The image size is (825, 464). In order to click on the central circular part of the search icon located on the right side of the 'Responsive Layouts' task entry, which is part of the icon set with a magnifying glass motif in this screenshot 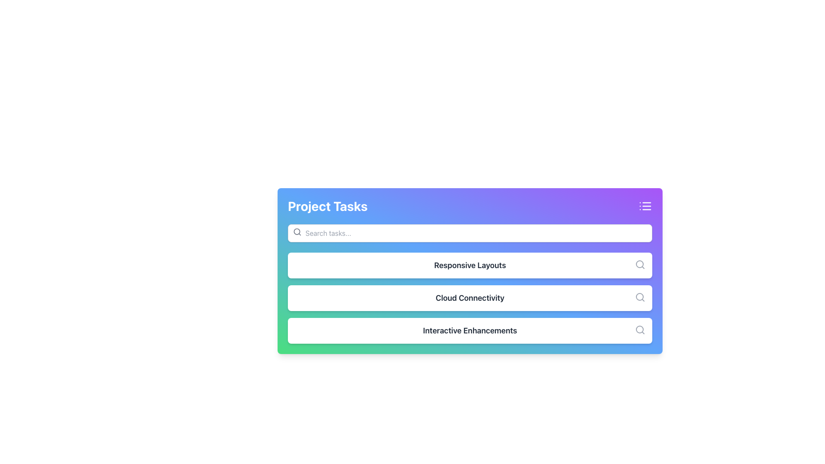, I will do `click(639, 263)`.